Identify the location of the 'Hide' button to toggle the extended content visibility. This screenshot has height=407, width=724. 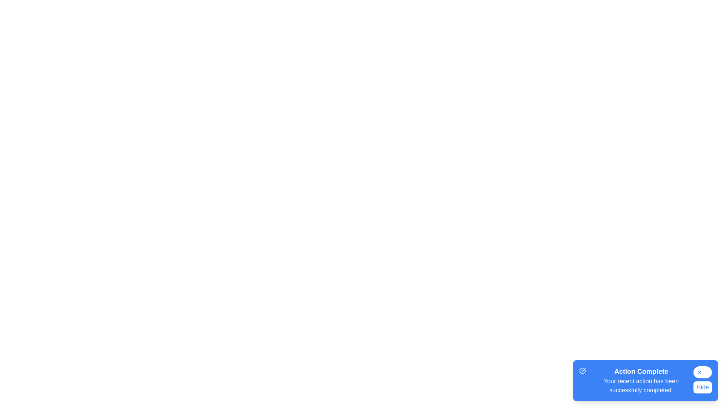
(702, 387).